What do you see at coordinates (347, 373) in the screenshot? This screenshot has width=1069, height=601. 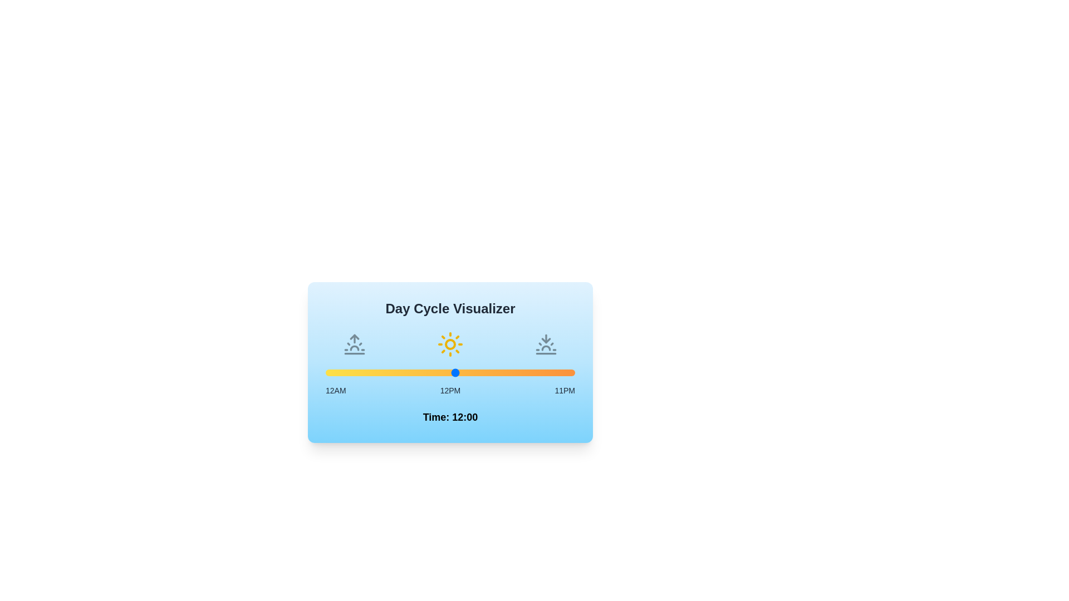 I see `the time to 2 by moving the slider` at bounding box center [347, 373].